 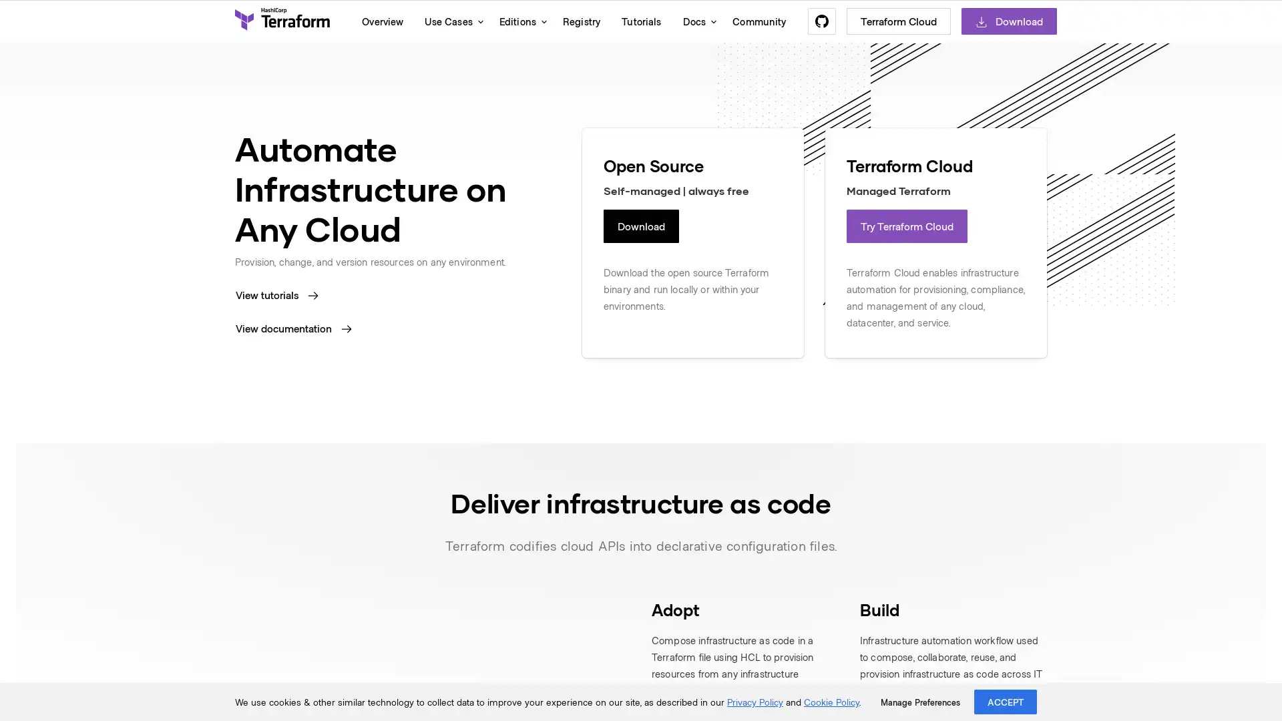 What do you see at coordinates (519, 21) in the screenshot?
I see `Editions` at bounding box center [519, 21].